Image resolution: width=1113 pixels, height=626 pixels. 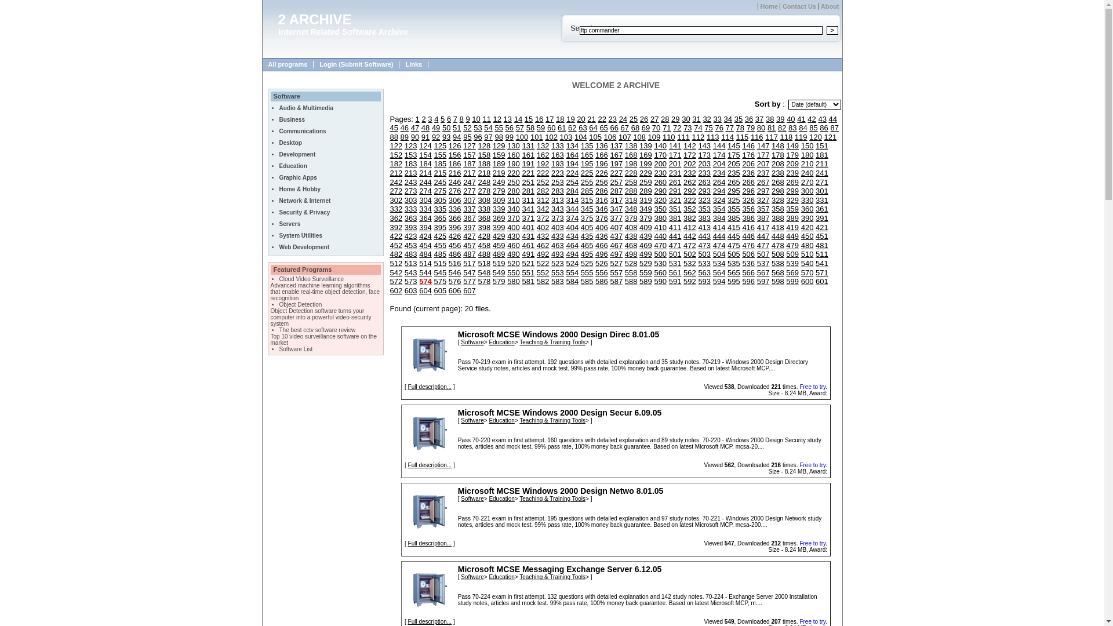 What do you see at coordinates (696, 119) in the screenshot?
I see `'31'` at bounding box center [696, 119].